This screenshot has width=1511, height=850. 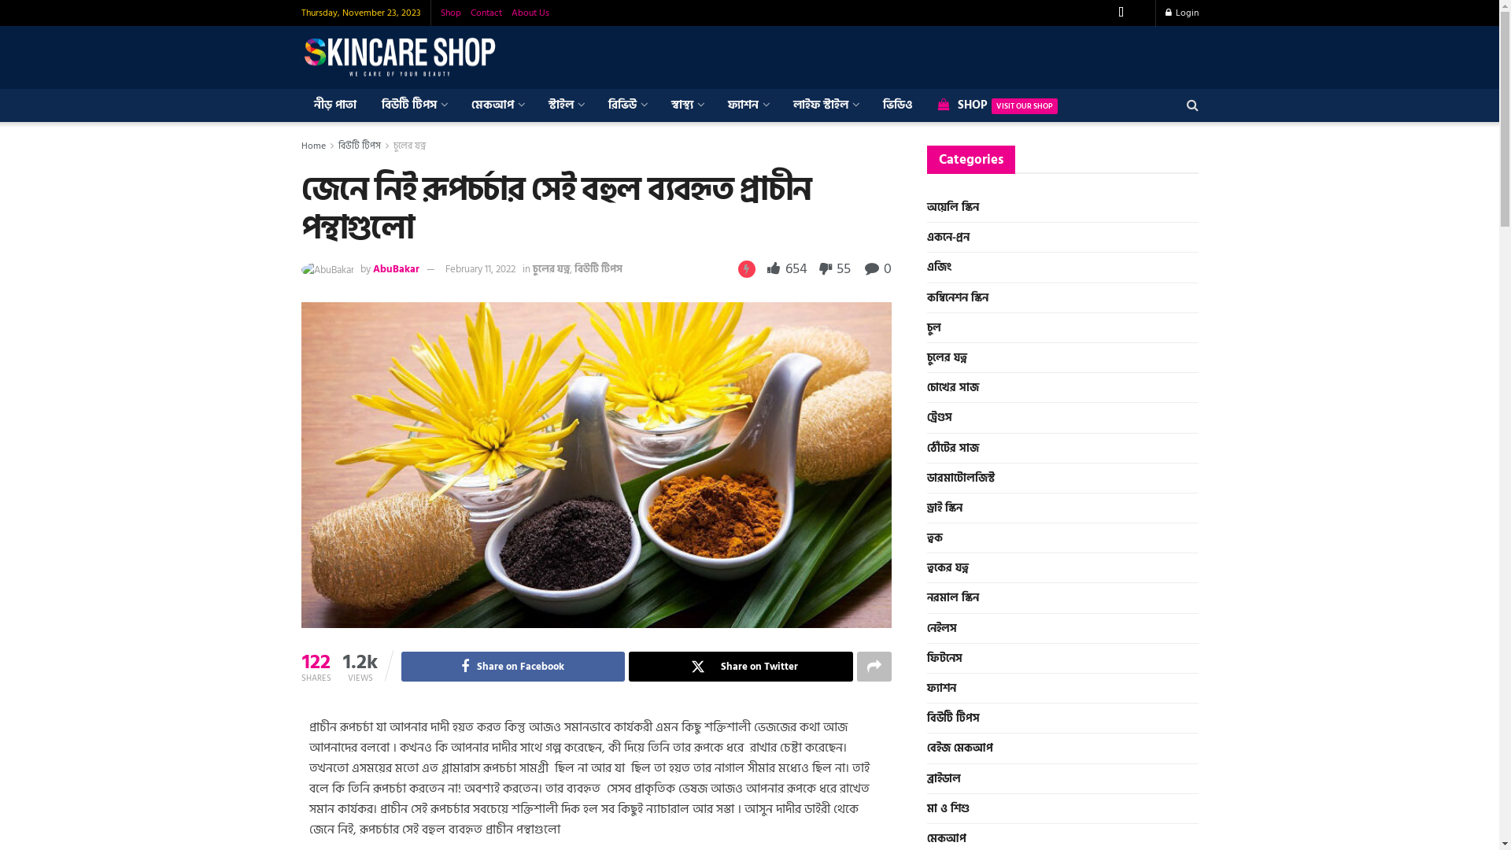 What do you see at coordinates (876, 268) in the screenshot?
I see `'0'` at bounding box center [876, 268].